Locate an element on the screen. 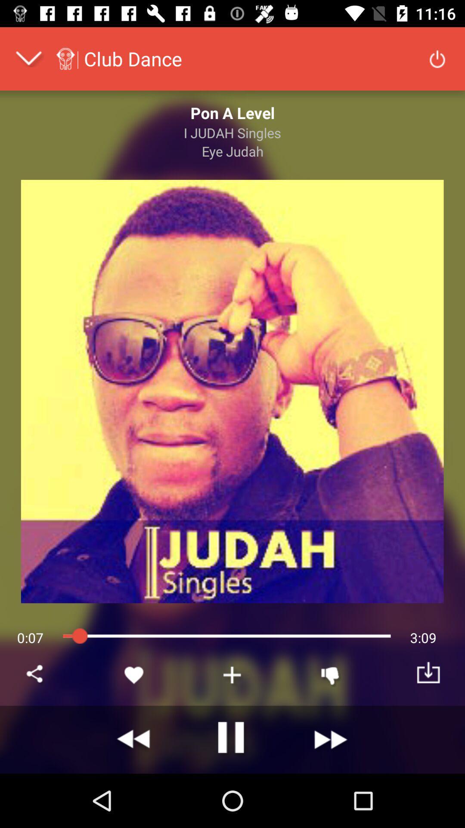 This screenshot has height=828, width=465. pause the song is located at coordinates (232, 739).